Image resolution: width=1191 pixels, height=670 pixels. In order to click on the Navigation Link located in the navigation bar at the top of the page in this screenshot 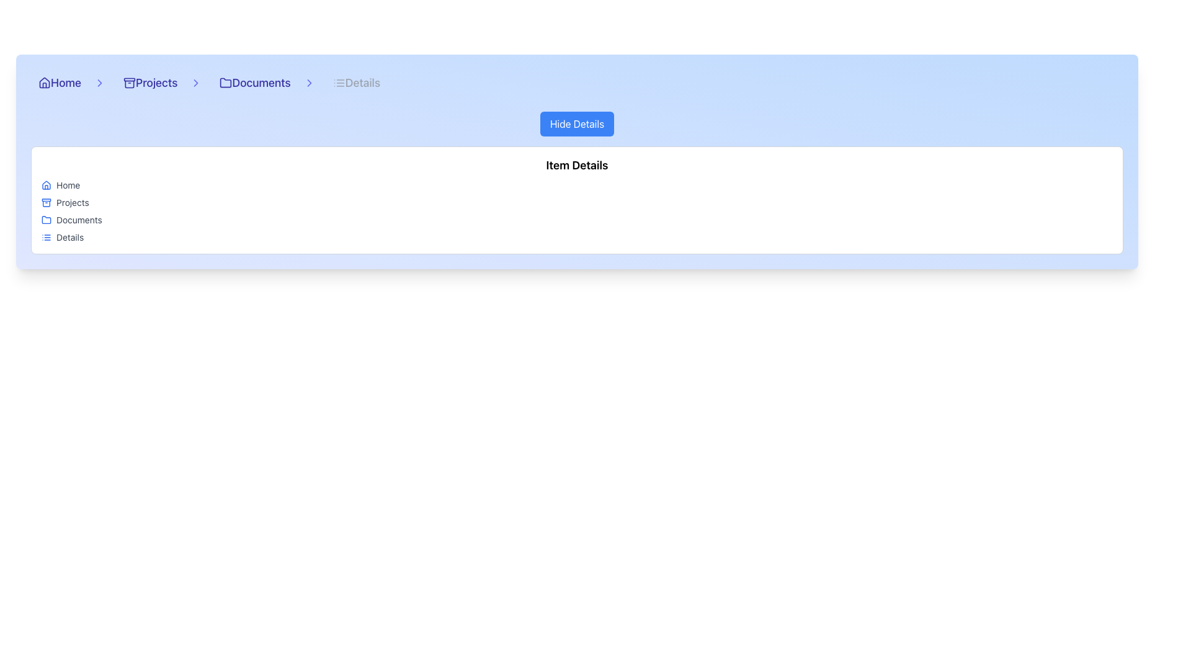, I will do `click(355, 83)`.